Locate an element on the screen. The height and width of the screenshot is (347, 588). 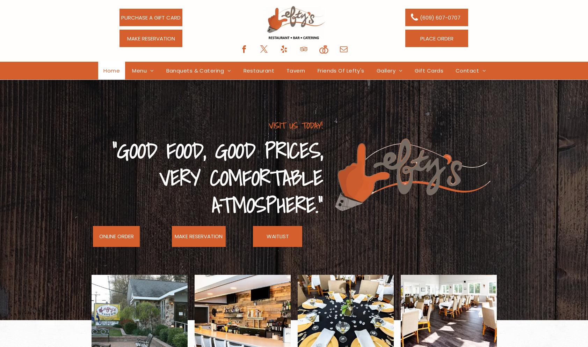
'Home' is located at coordinates (111, 70).